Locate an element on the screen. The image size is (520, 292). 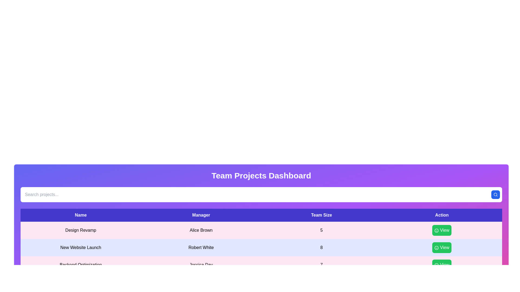
the text label indicating the project name in the first column of the striped table, aligned with 'Alice Brown' and '5' is located at coordinates (80, 230).